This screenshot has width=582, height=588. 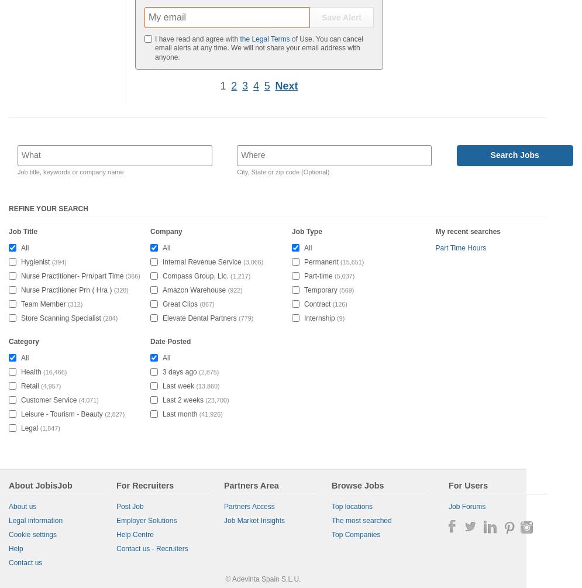 I want to click on 'About JobisJob', so click(x=39, y=485).